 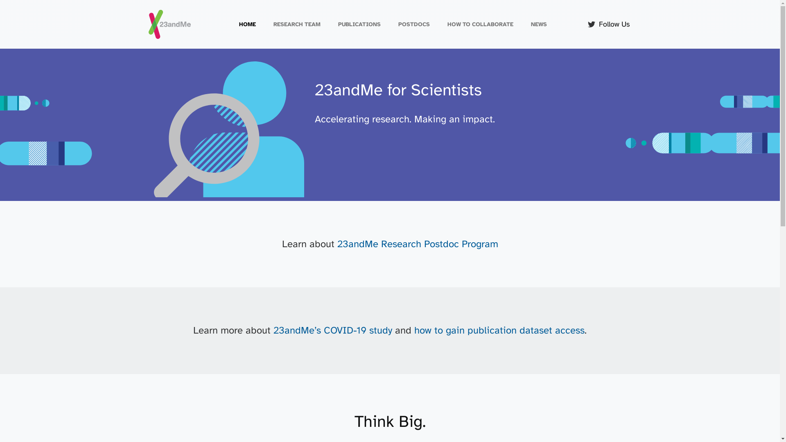 I want to click on '23andMe Research Postdoc Program', so click(x=418, y=244).